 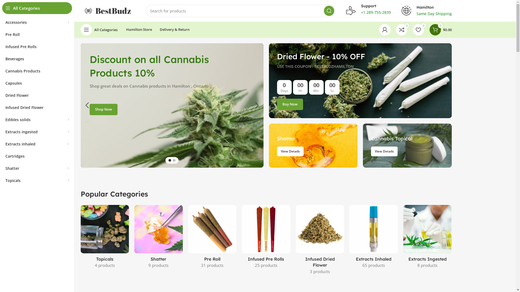 I want to click on '9 products', so click(x=148, y=265).